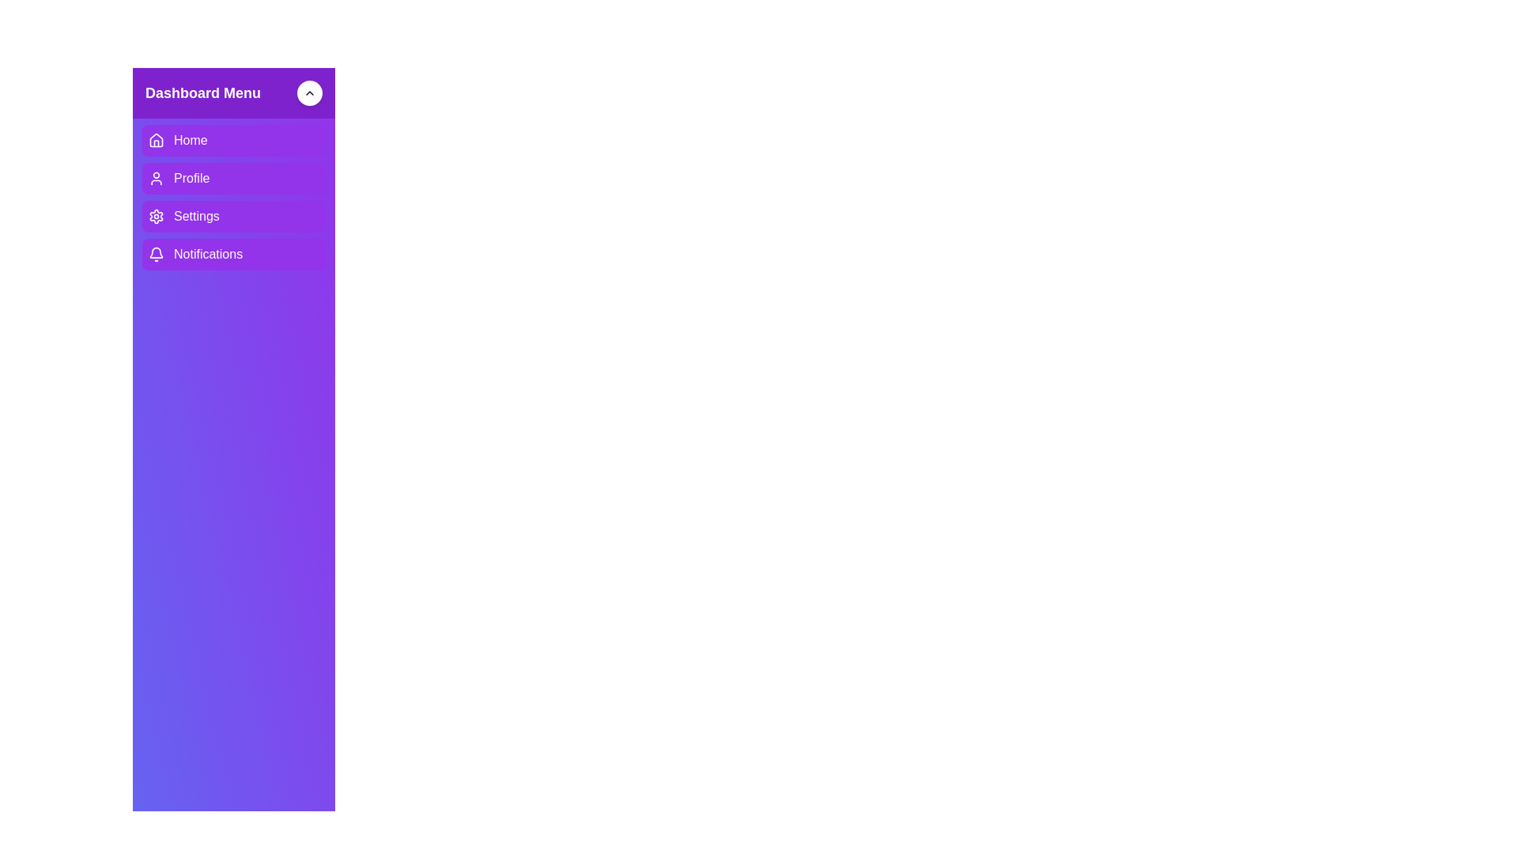  What do you see at coordinates (195, 216) in the screenshot?
I see `the 'Settings' text label in the navigation menu, which is the third item below 'Profile' and above 'Notifications'` at bounding box center [195, 216].